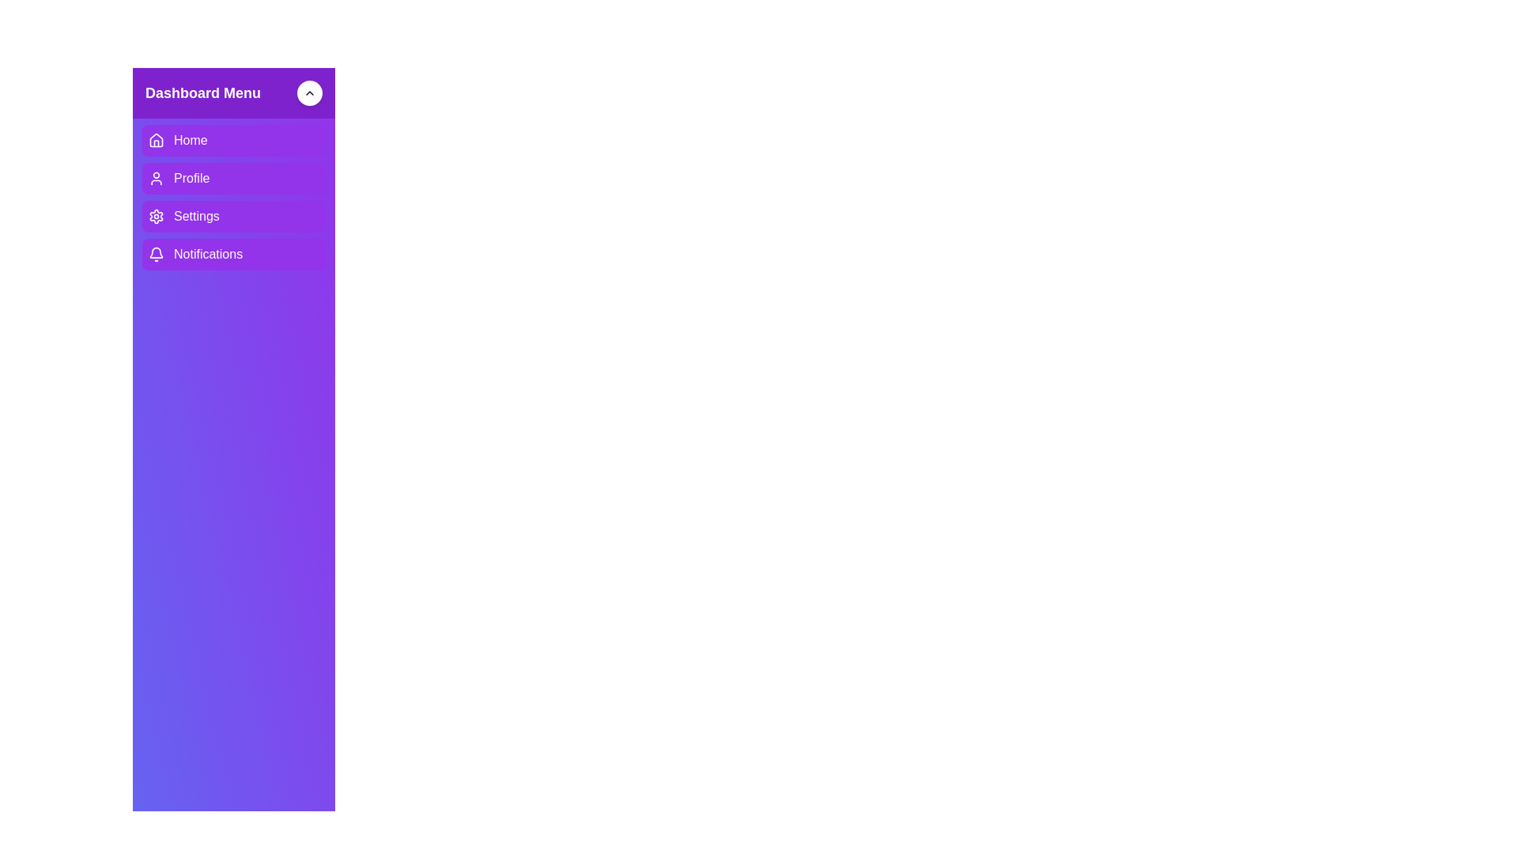  What do you see at coordinates (195, 216) in the screenshot?
I see `the 'Settings' text label in the navigation menu, which is the third item below 'Profile' and above 'Notifications'` at bounding box center [195, 216].